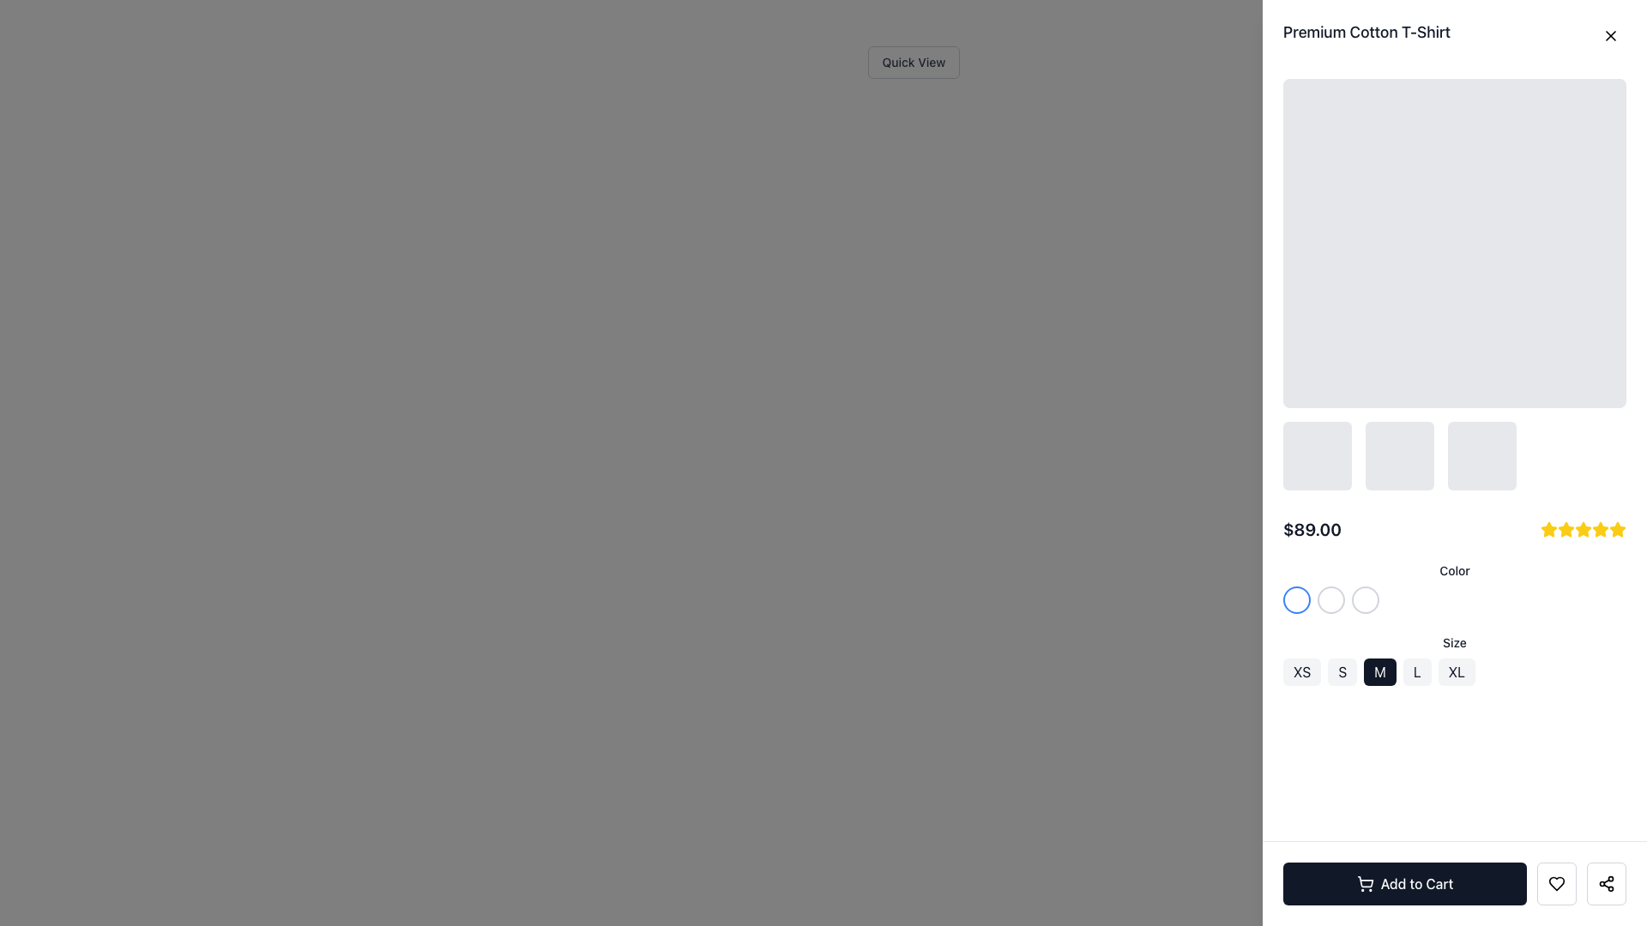 The width and height of the screenshot is (1647, 926). What do you see at coordinates (1453, 642) in the screenshot?
I see `the text label that indicates the purpose of the size options for a product, located above the selectable size options XS, S, M, L, and XL` at bounding box center [1453, 642].